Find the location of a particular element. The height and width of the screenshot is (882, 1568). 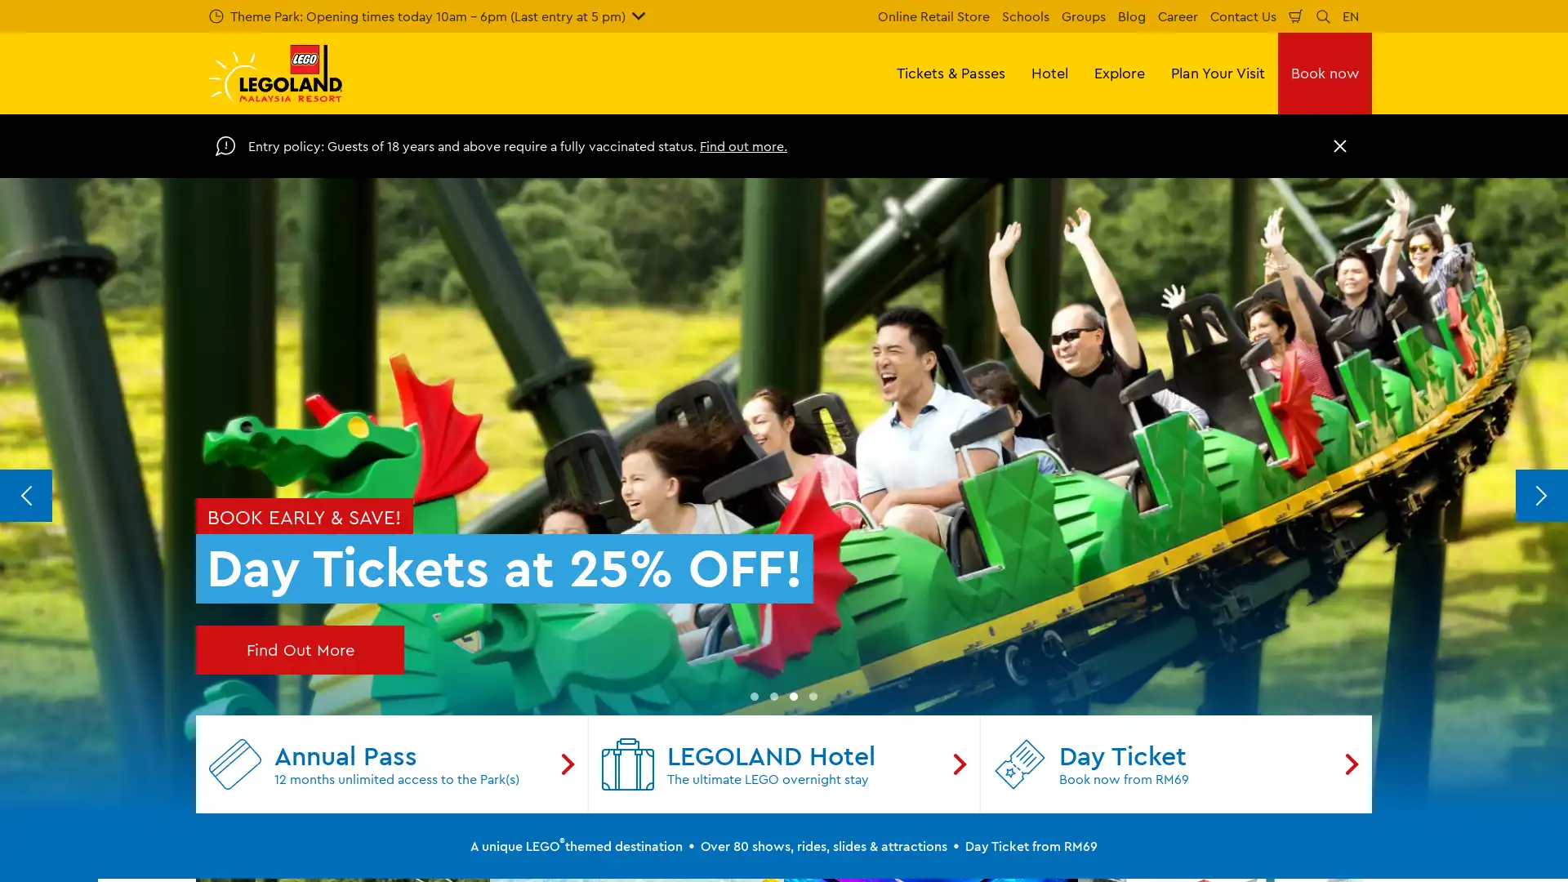

Go to slide 4 is located at coordinates (813, 696).